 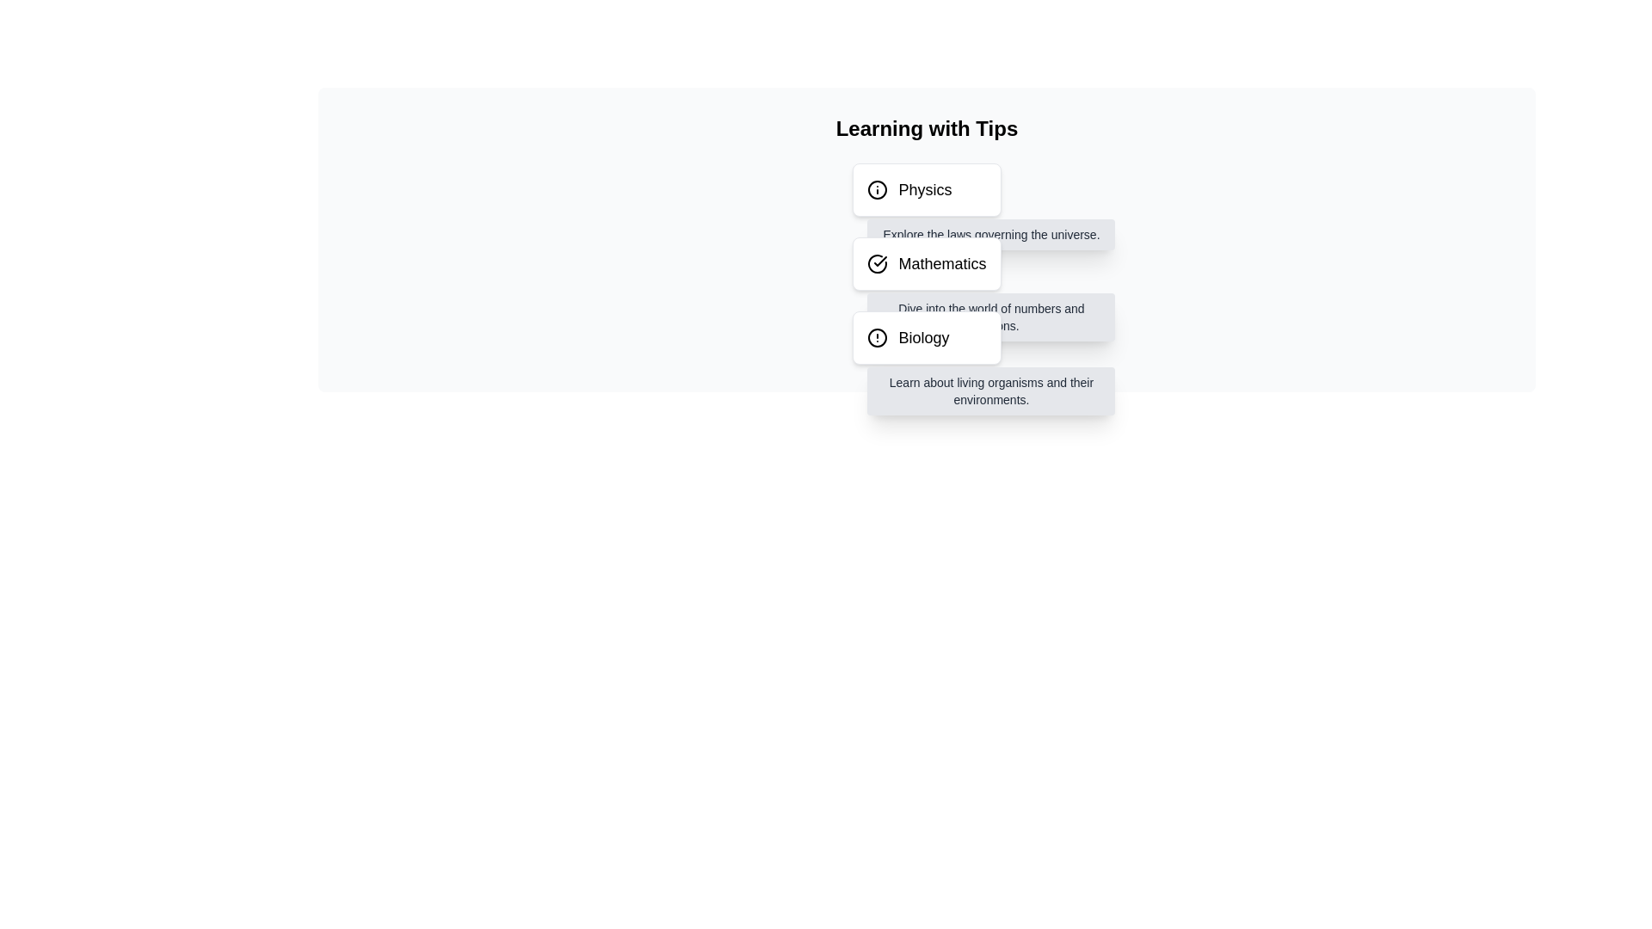 I want to click on circular icon with a checkmark symbol inside, which indicates a completed or verified state, positioned at the beginning of the row associated with the 'Mathematics' label, so click(x=878, y=264).